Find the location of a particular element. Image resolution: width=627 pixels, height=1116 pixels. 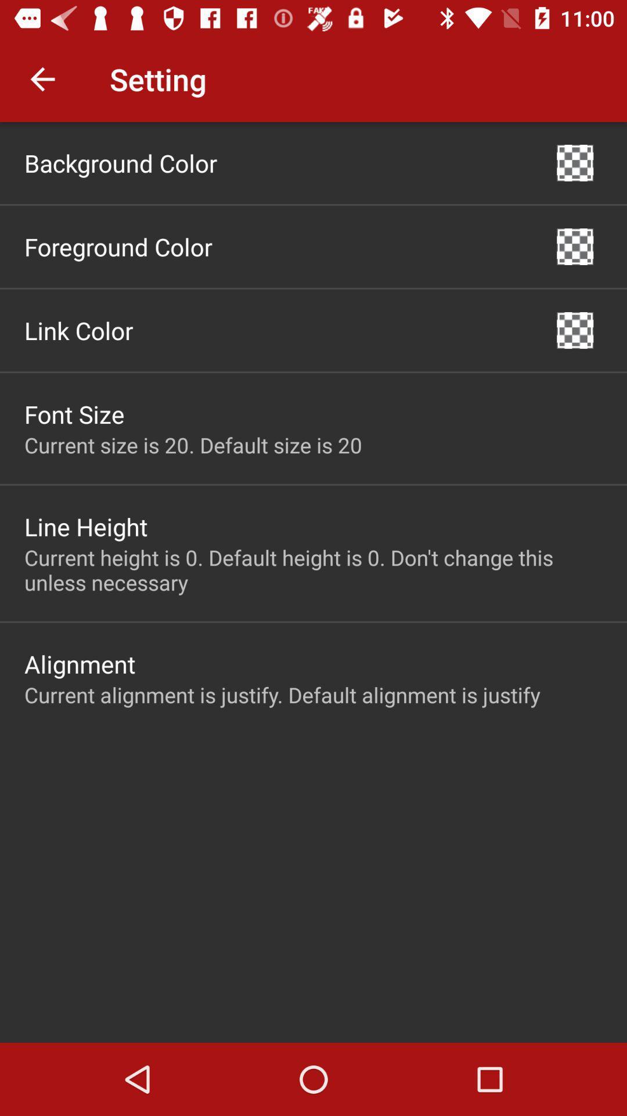

item to the right of the link color icon is located at coordinates (575, 330).